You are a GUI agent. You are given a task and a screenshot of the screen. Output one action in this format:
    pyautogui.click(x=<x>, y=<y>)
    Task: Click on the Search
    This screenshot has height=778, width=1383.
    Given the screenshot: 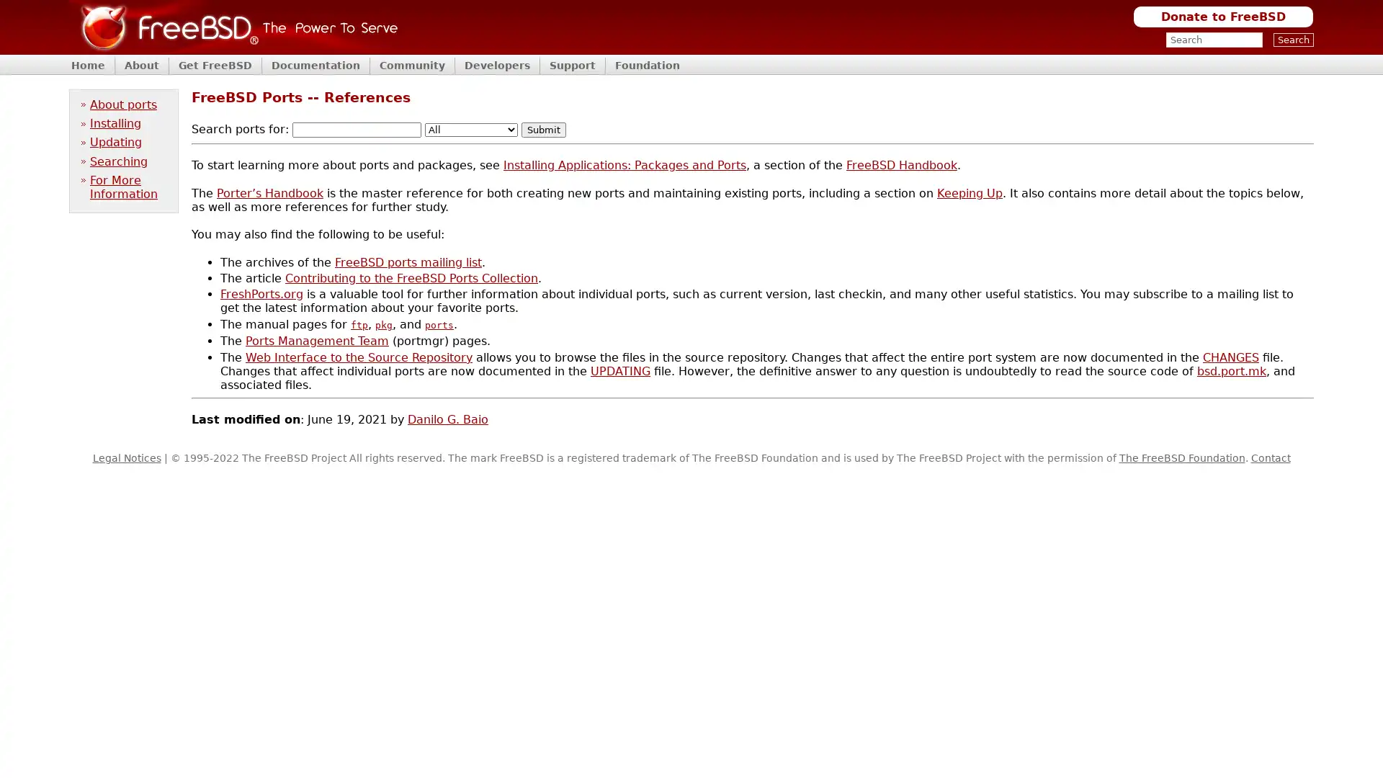 What is the action you would take?
    pyautogui.click(x=1293, y=39)
    